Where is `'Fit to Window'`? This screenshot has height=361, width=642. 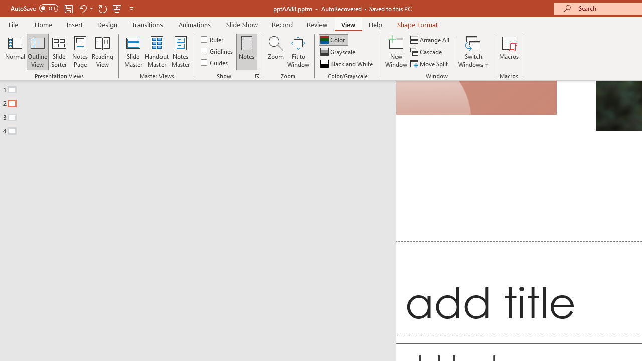
'Fit to Window' is located at coordinates (298, 52).